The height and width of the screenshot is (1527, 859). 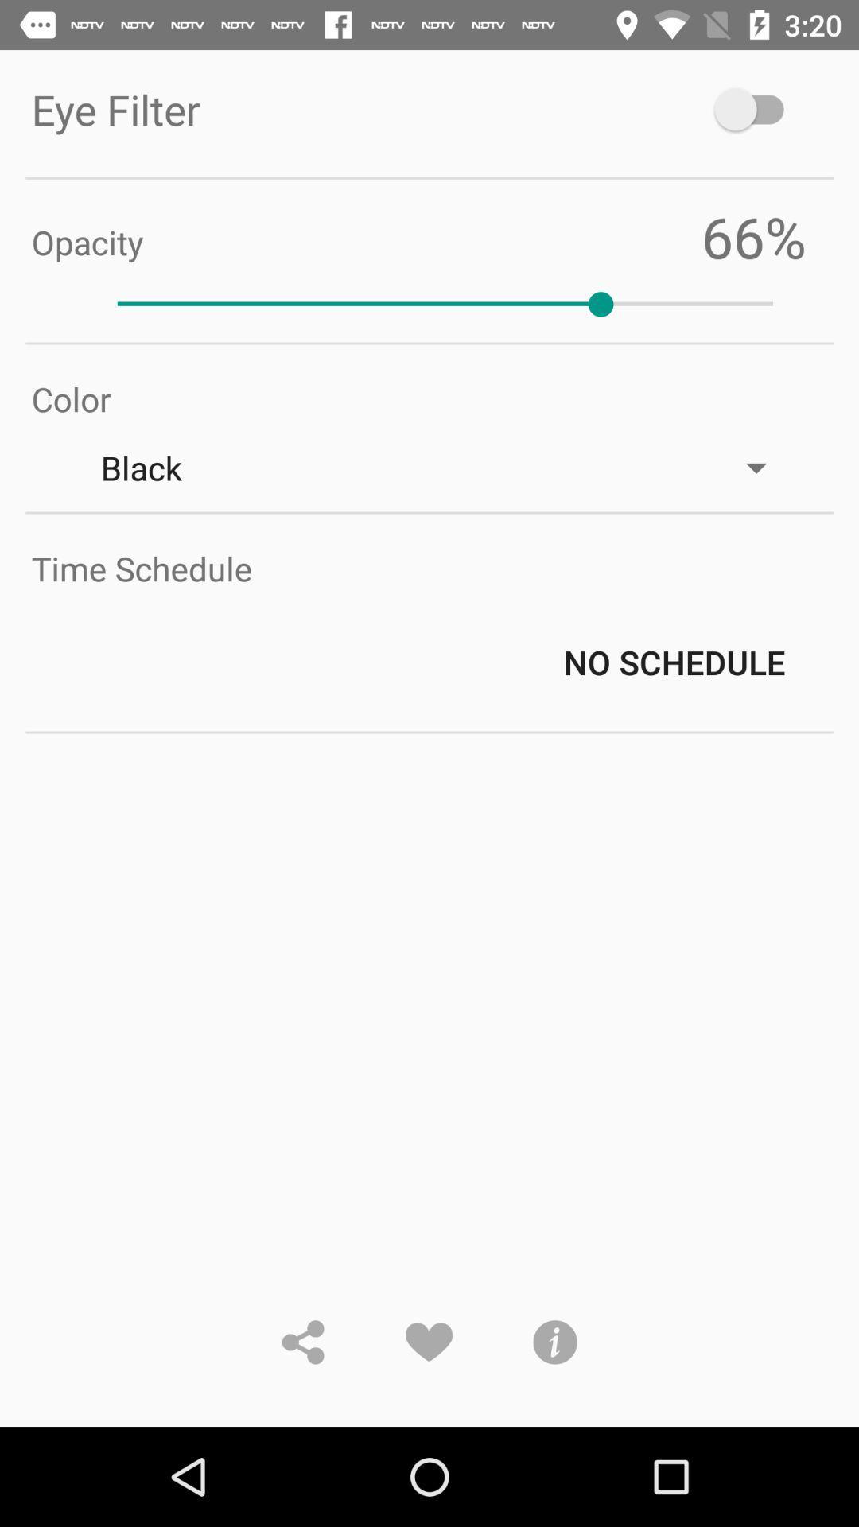 I want to click on the no schedule, so click(x=445, y=662).